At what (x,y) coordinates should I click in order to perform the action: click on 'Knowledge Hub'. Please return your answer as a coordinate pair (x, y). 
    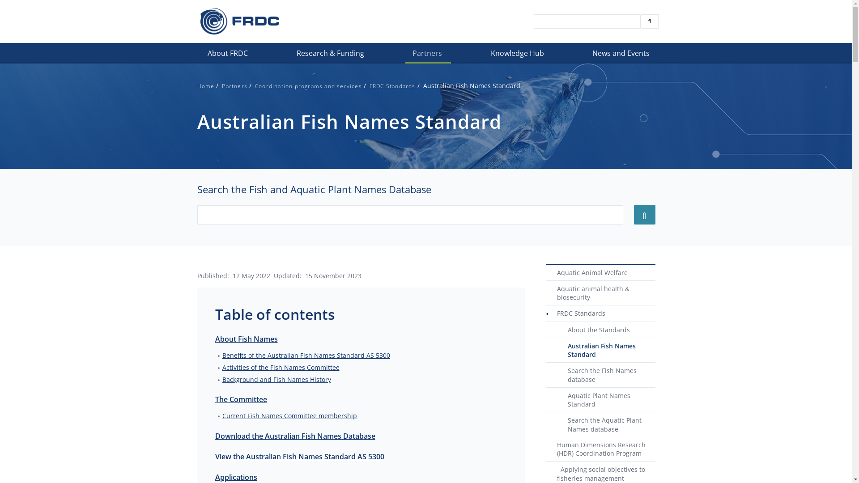
    Looking at the image, I should click on (518, 55).